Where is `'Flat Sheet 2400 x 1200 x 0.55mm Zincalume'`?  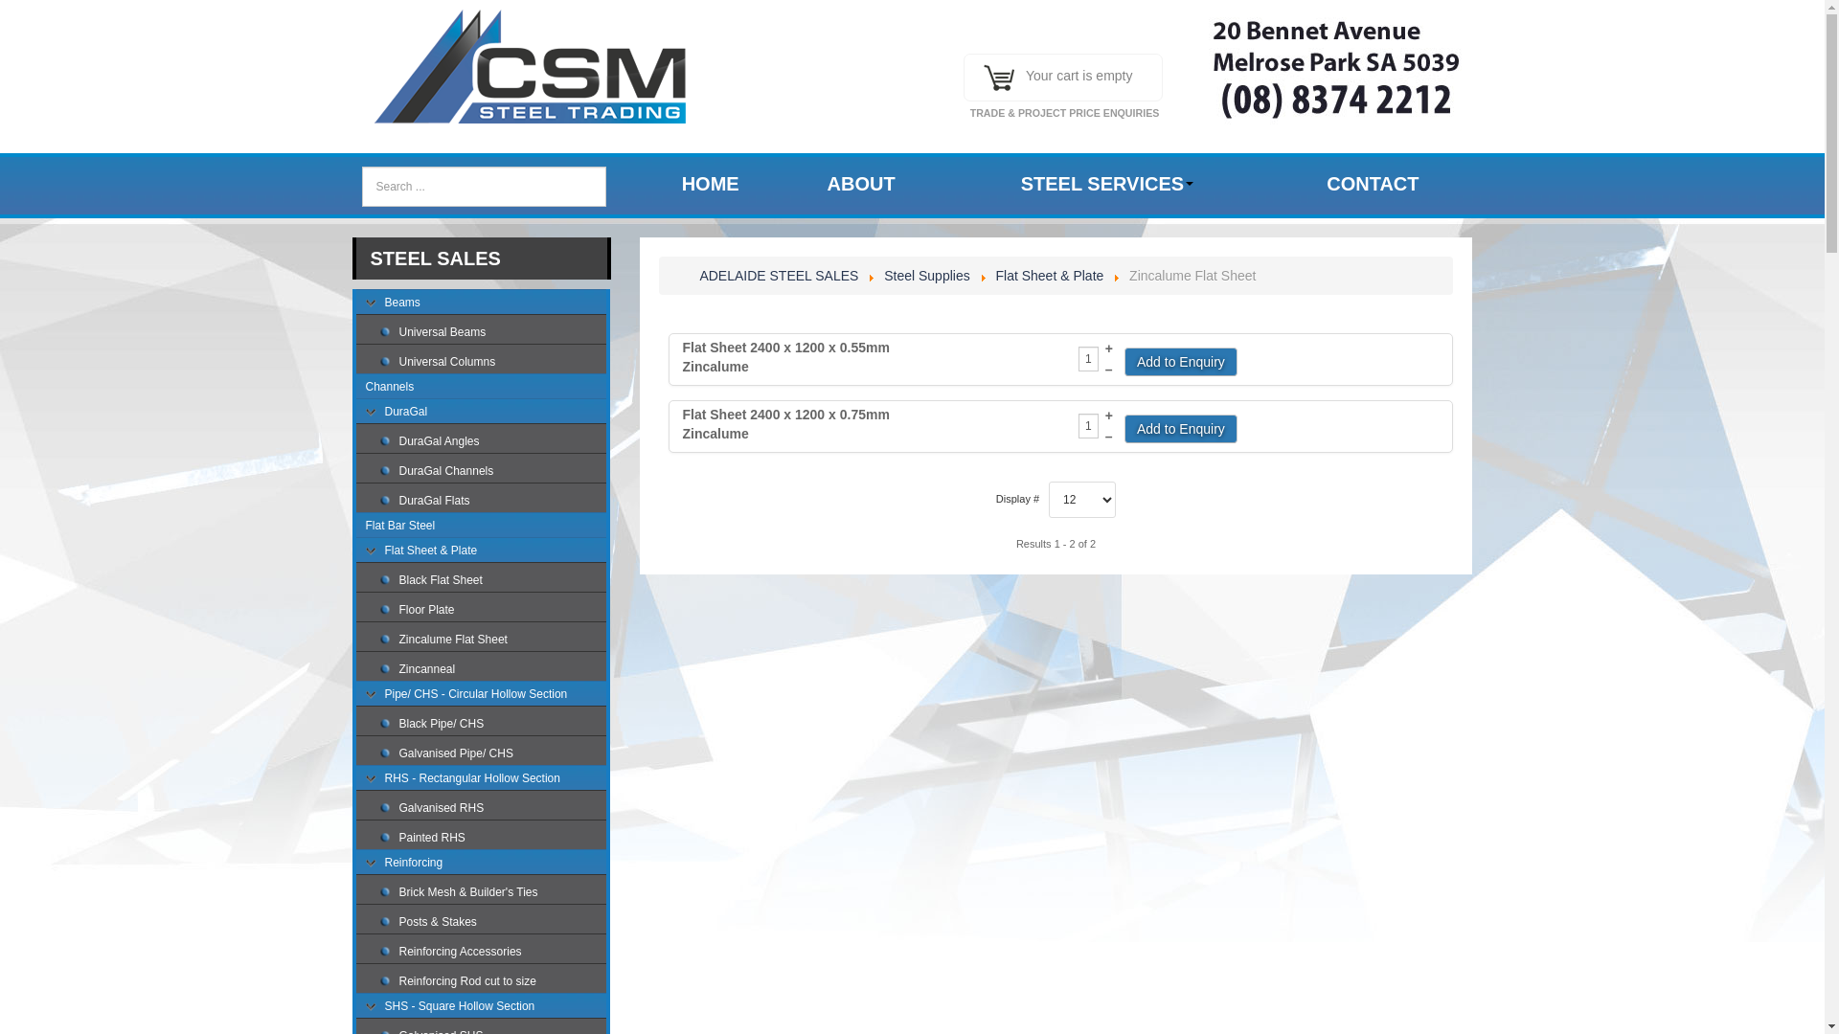 'Flat Sheet 2400 x 1200 x 0.55mm Zincalume' is located at coordinates (795, 357).